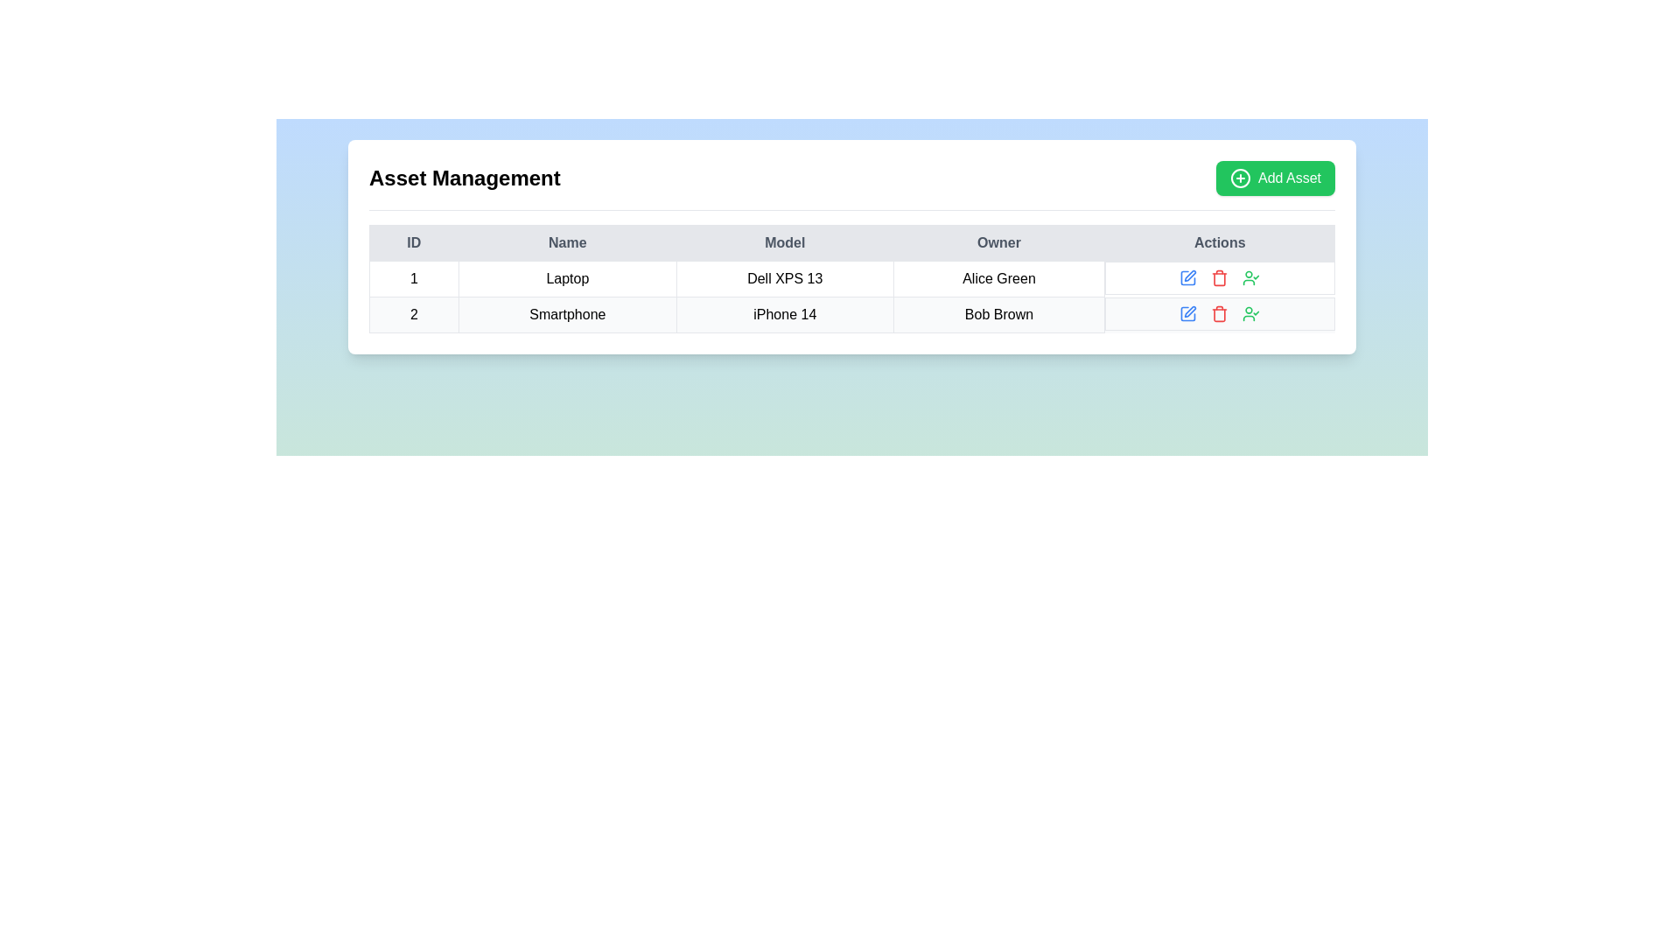 This screenshot has height=945, width=1680. What do you see at coordinates (852, 296) in the screenshot?
I see `the first data row of the table displaying asset ID '1', which includes the name 'Laptop' and model 'Dell XPS 13'` at bounding box center [852, 296].